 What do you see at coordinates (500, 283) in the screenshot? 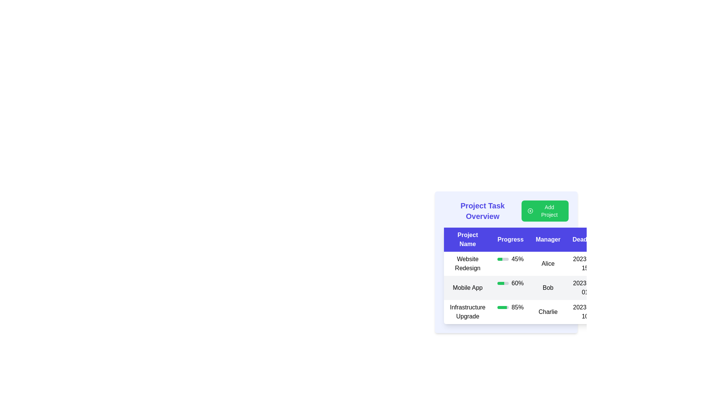
I see `the progress bar indicating 60% completion for the Mobile App project, located in the second row of the Progress column` at bounding box center [500, 283].